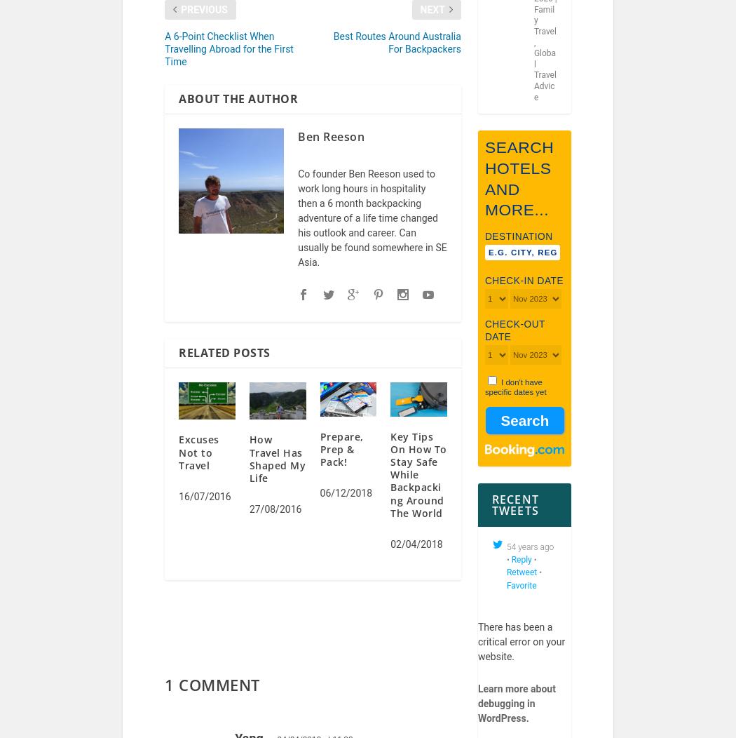 Image resolution: width=736 pixels, height=738 pixels. I want to click on '54 years ago •', so click(530, 563).